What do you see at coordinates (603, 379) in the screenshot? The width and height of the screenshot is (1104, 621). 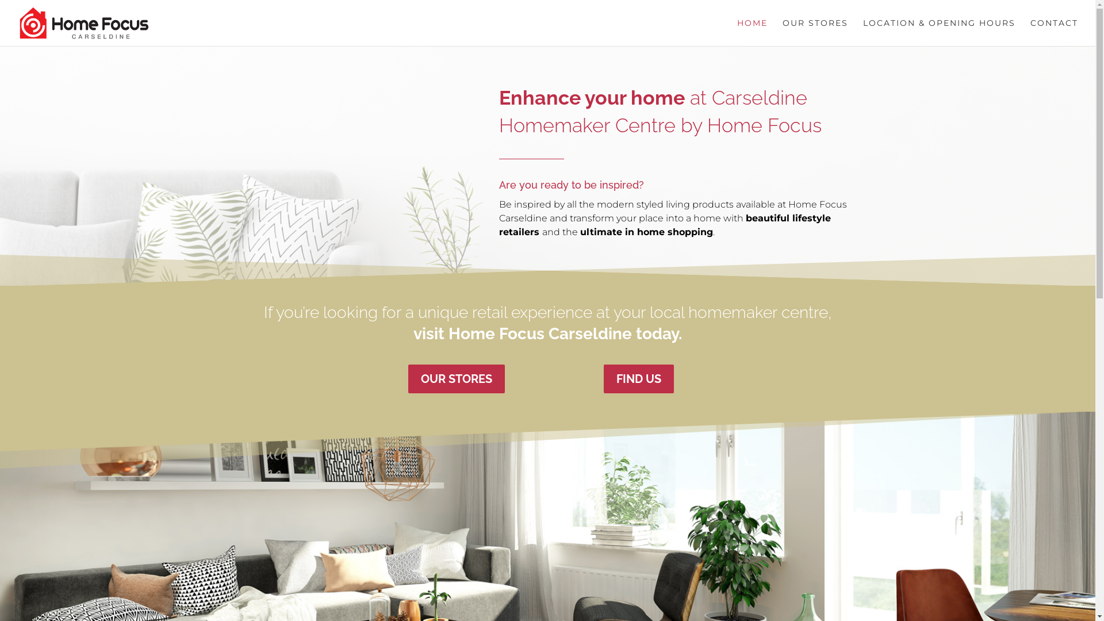 I see `'FIND US'` at bounding box center [603, 379].